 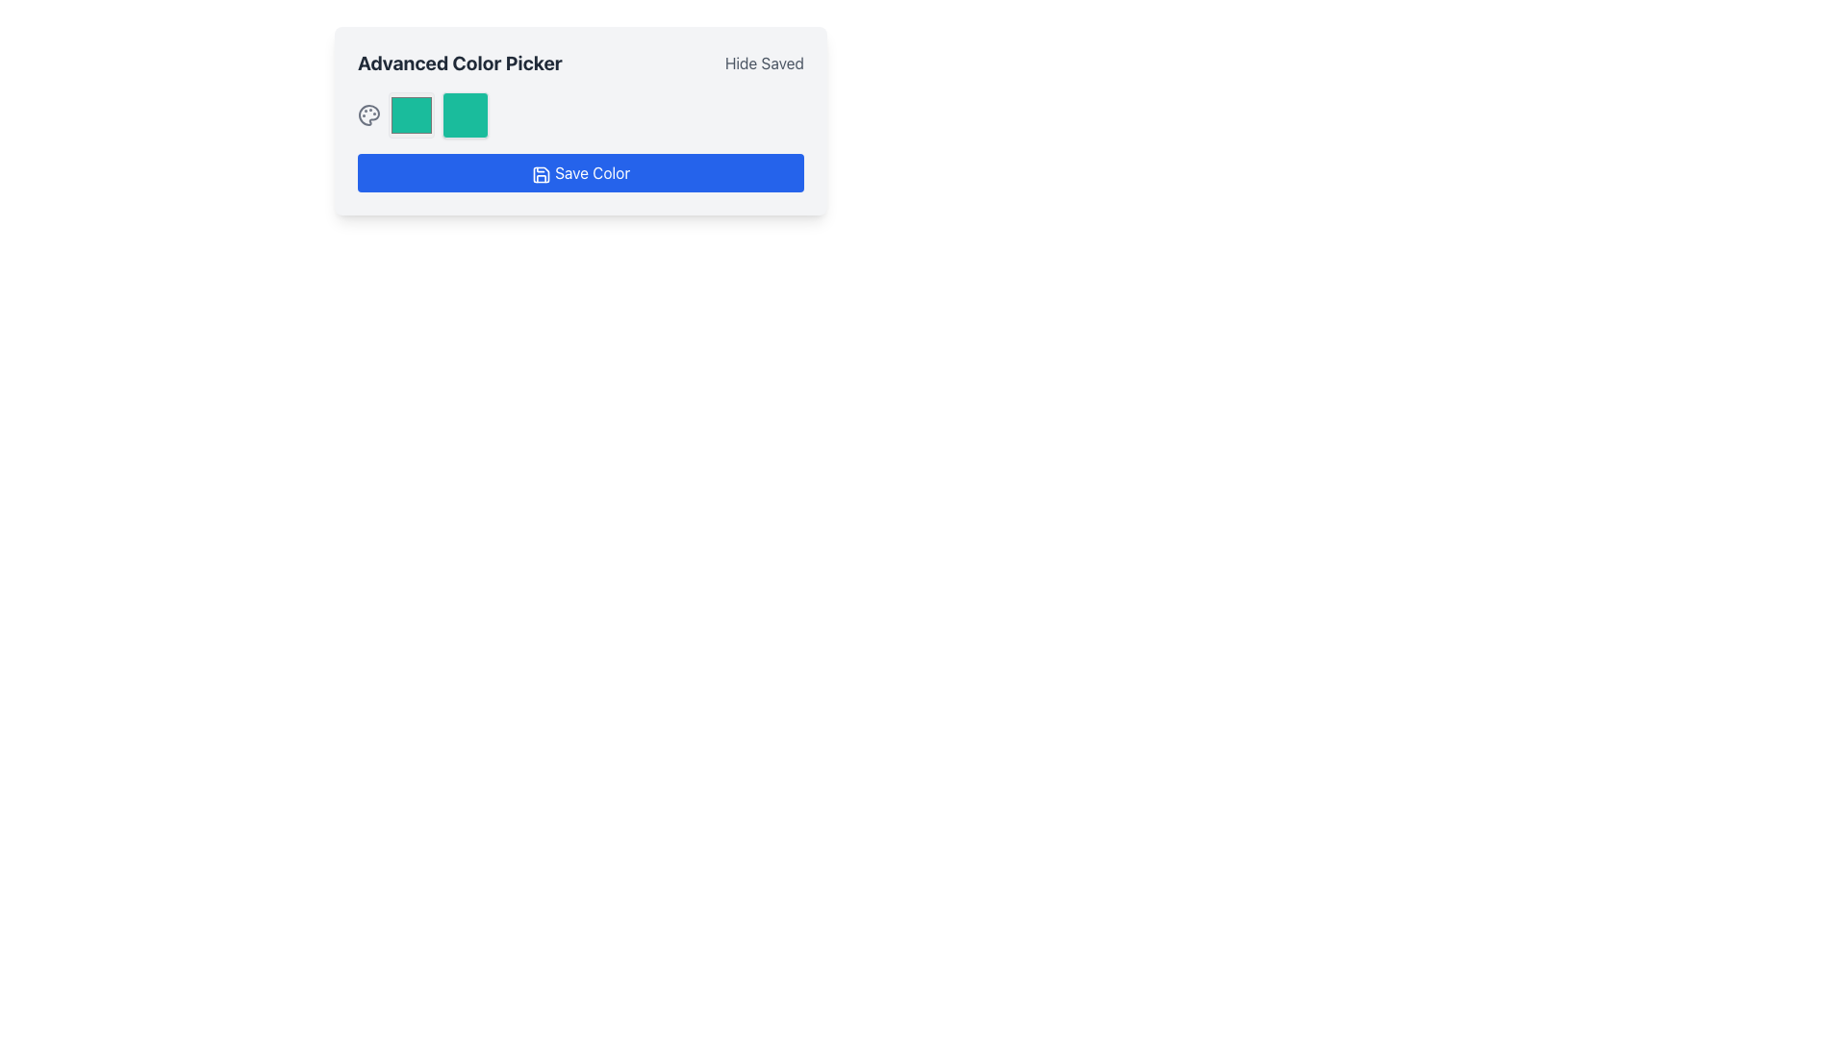 What do you see at coordinates (580, 173) in the screenshot?
I see `the save button located near the bottom of the 'Advanced Color Picker' section` at bounding box center [580, 173].